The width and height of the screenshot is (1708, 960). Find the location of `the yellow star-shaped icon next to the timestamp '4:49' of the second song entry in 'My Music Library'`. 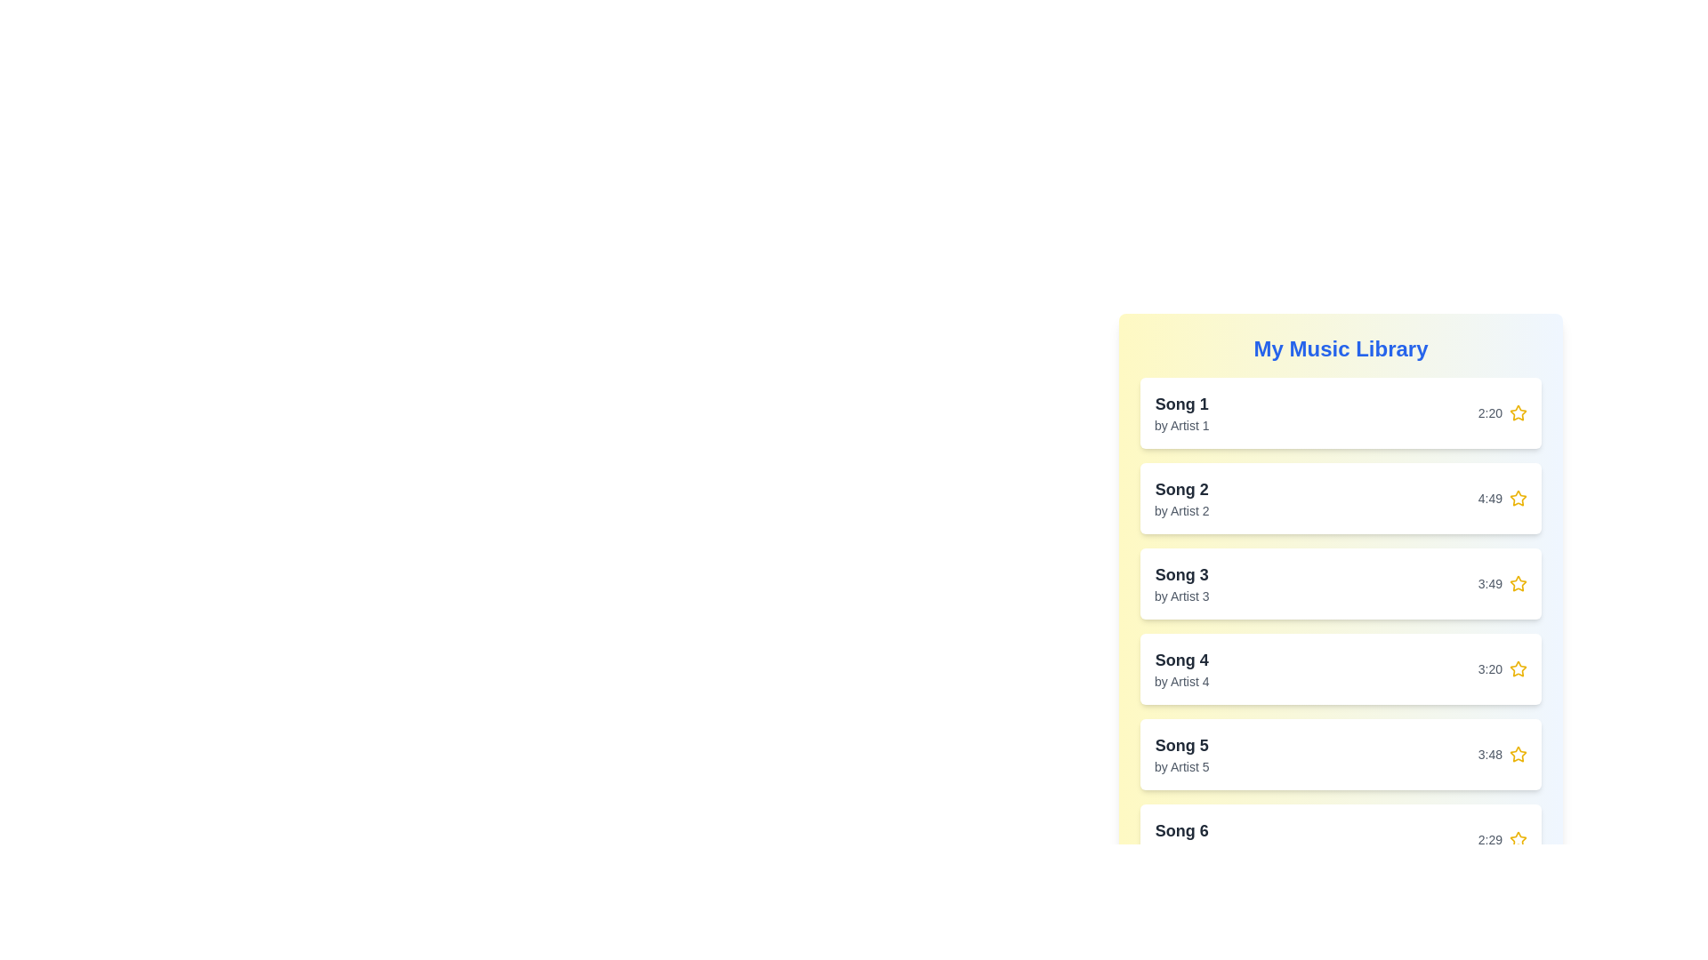

the yellow star-shaped icon next to the timestamp '4:49' of the second song entry in 'My Music Library' is located at coordinates (1518, 498).